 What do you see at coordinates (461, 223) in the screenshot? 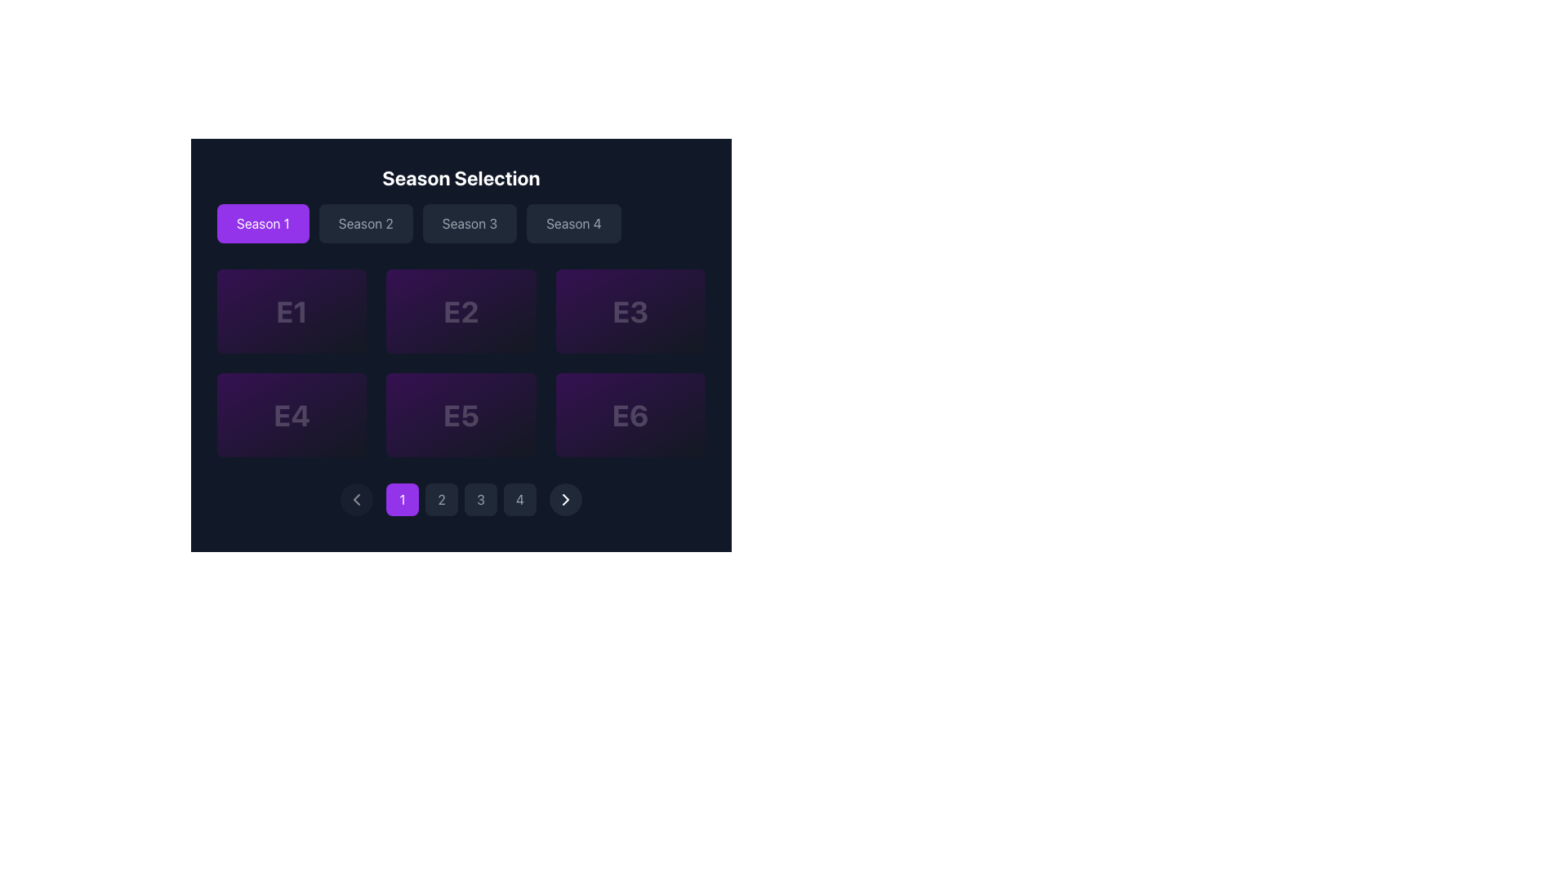
I see `the group of buttons for season selection located beneath the 'Season Selection' heading` at bounding box center [461, 223].